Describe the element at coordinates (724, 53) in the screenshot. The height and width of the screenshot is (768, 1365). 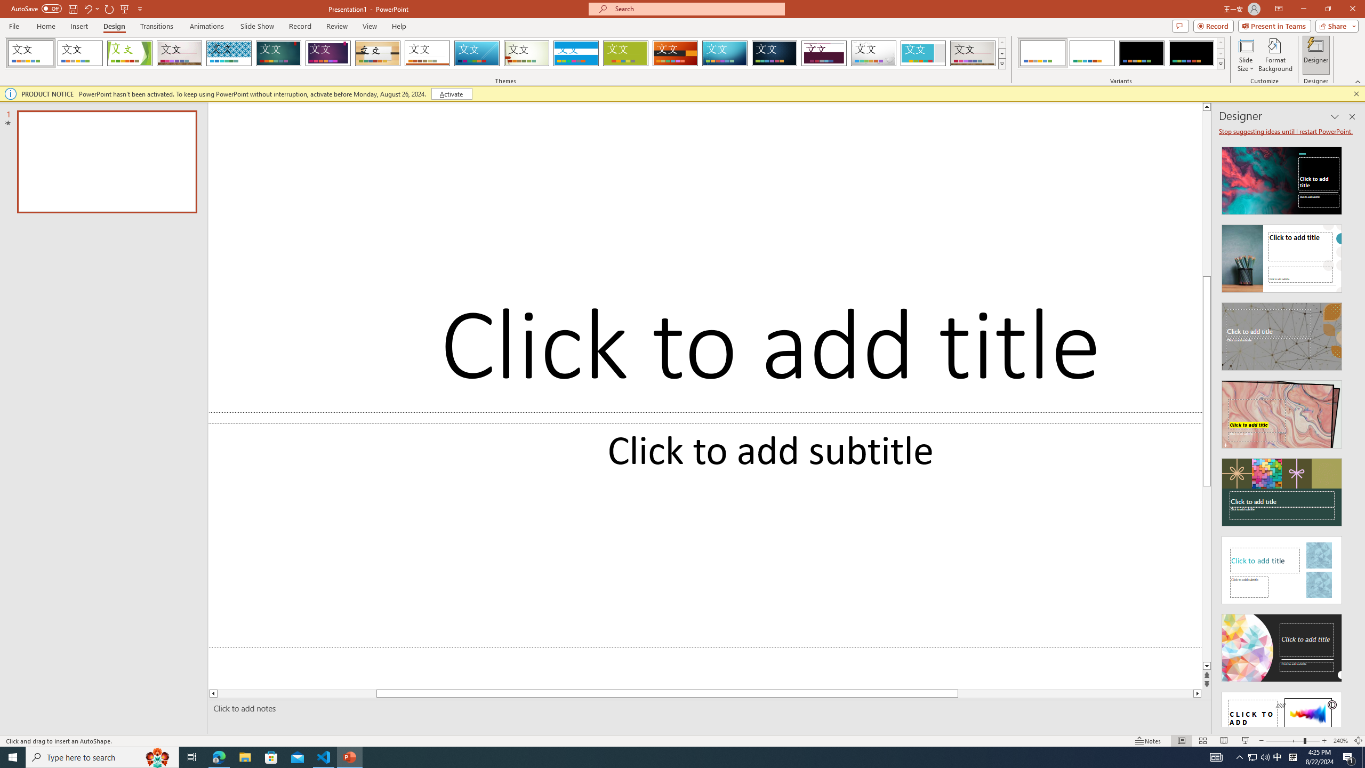
I see `'Circuit'` at that location.